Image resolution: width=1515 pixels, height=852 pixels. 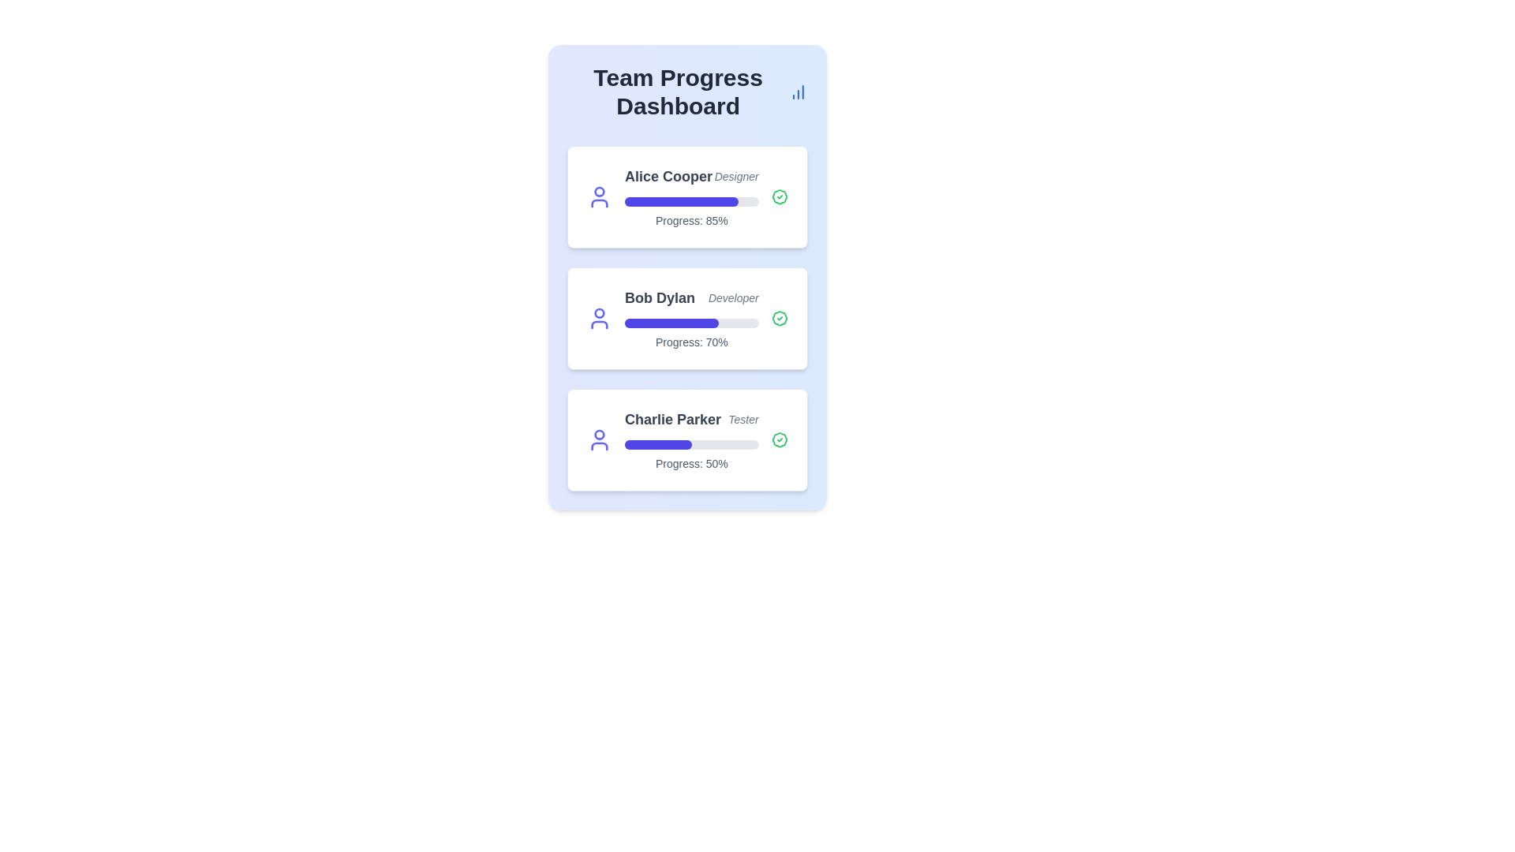 What do you see at coordinates (598, 440) in the screenshot?
I see `the avatar placeholder icon for the user 'Charlie Parker' located at the bottom left of the dashboard card` at bounding box center [598, 440].